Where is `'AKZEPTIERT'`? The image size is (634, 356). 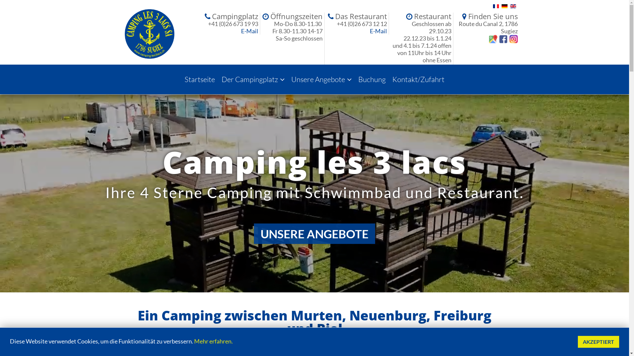
'AKZEPTIERT' is located at coordinates (598, 341).